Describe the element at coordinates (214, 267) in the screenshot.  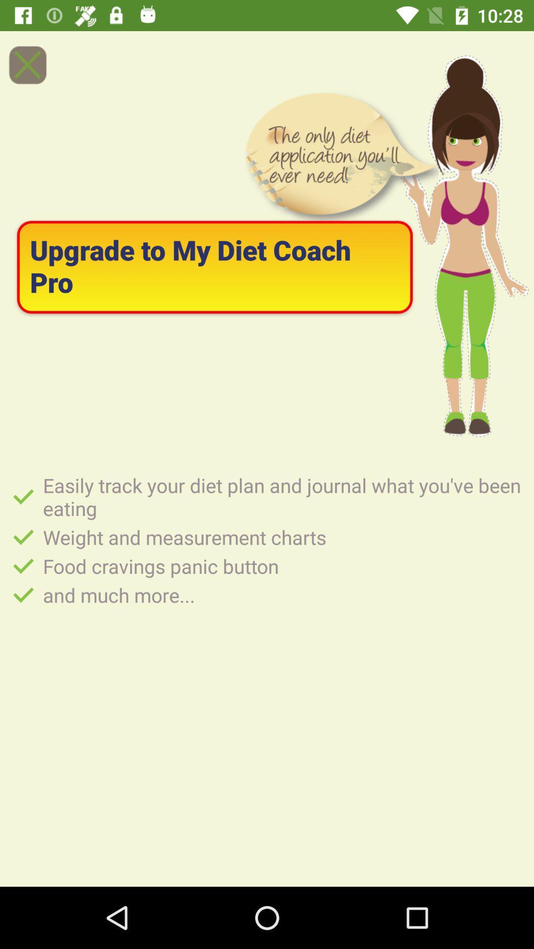
I see `the upgrade to my` at that location.